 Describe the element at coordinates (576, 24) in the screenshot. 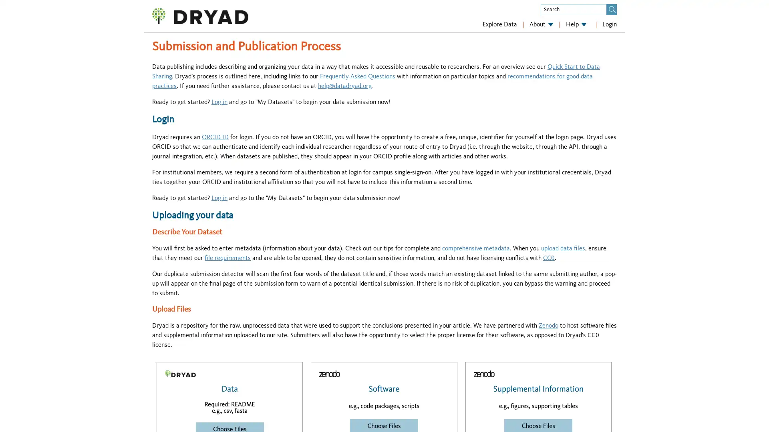

I see `Help` at that location.